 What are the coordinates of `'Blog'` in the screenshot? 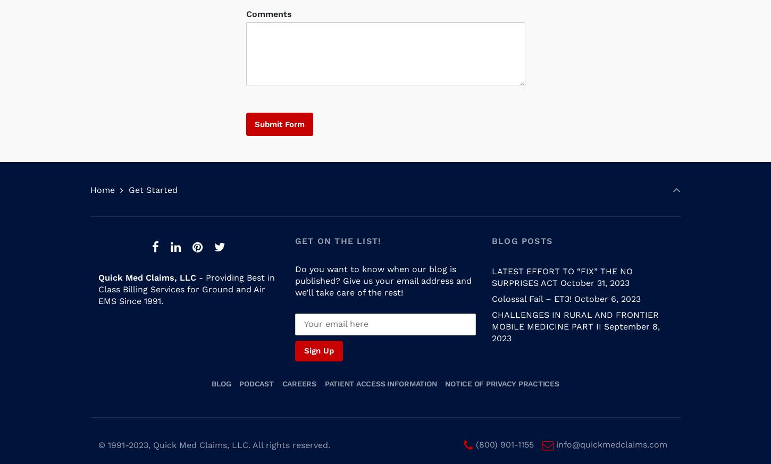 It's located at (221, 373).